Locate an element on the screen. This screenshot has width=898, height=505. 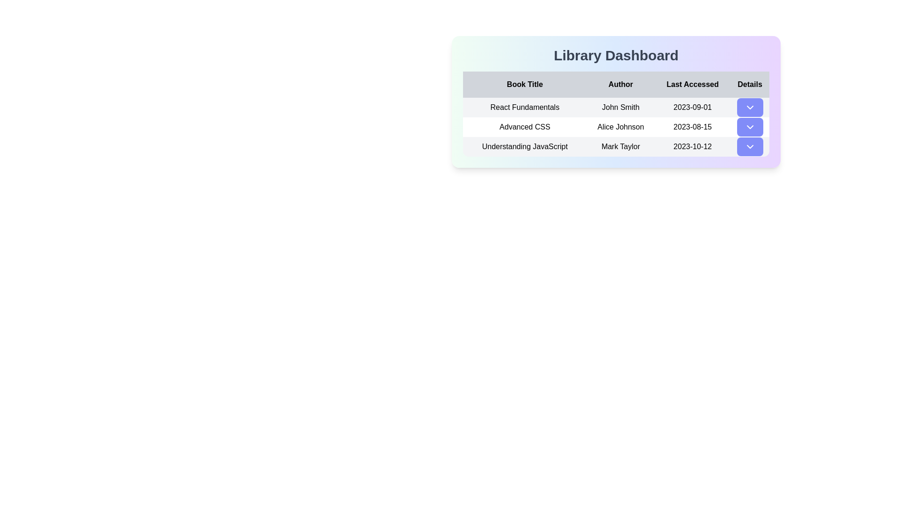
the action indicator icon located in the 'Details' column of the first row in the 'Library Dashboard' table is located at coordinates (750, 107).